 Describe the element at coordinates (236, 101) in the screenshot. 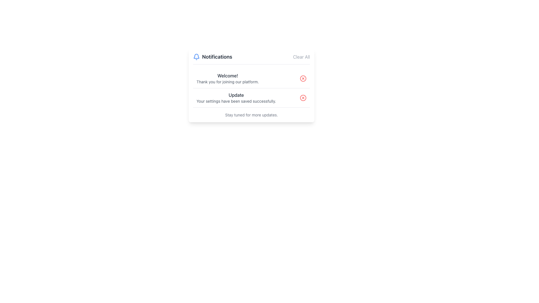

I see `feedback text displayed beneath the 'Update' header in the notification section, specifically the second line indicating successful settings save` at that location.